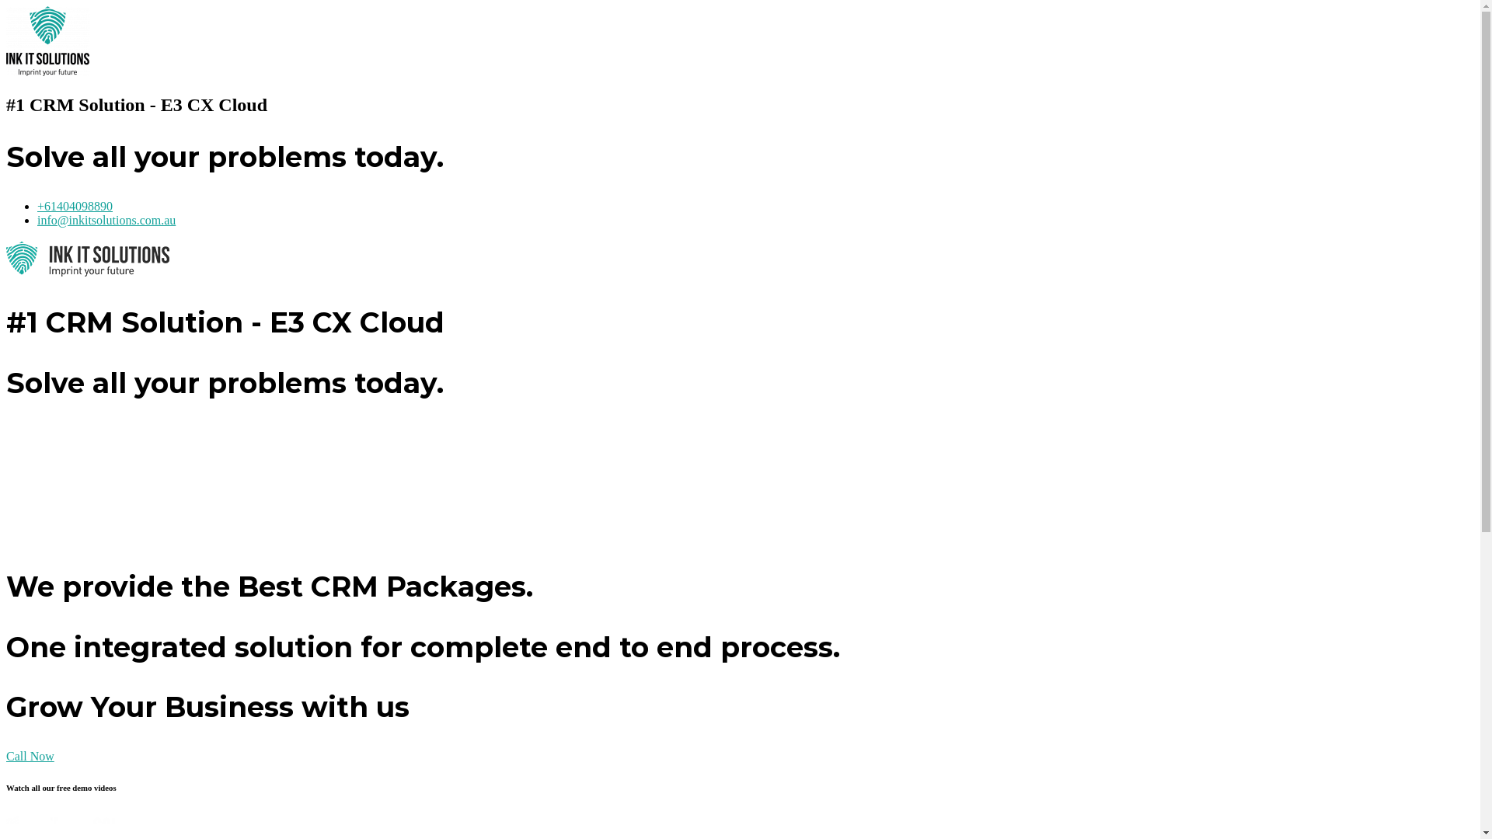 The image size is (1492, 839). I want to click on 'info@inkitsolutions.com.au', so click(106, 220).